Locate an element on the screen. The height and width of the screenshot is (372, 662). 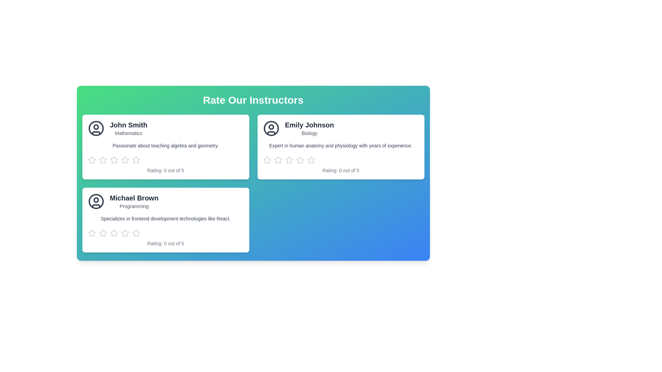
the text block displaying 'John Smith' and their subject 'Mathematics' is located at coordinates (128, 128).